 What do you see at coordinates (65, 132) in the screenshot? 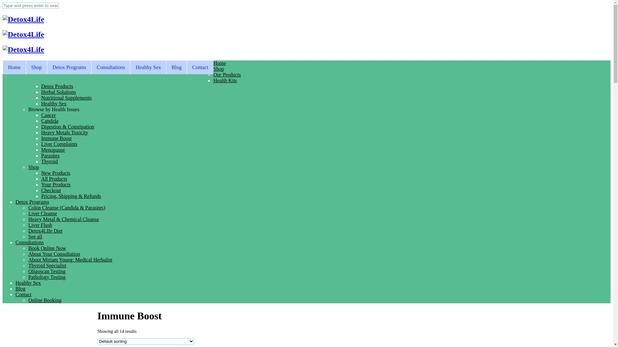
I see `'Heavy Metals Toxicity'` at bounding box center [65, 132].